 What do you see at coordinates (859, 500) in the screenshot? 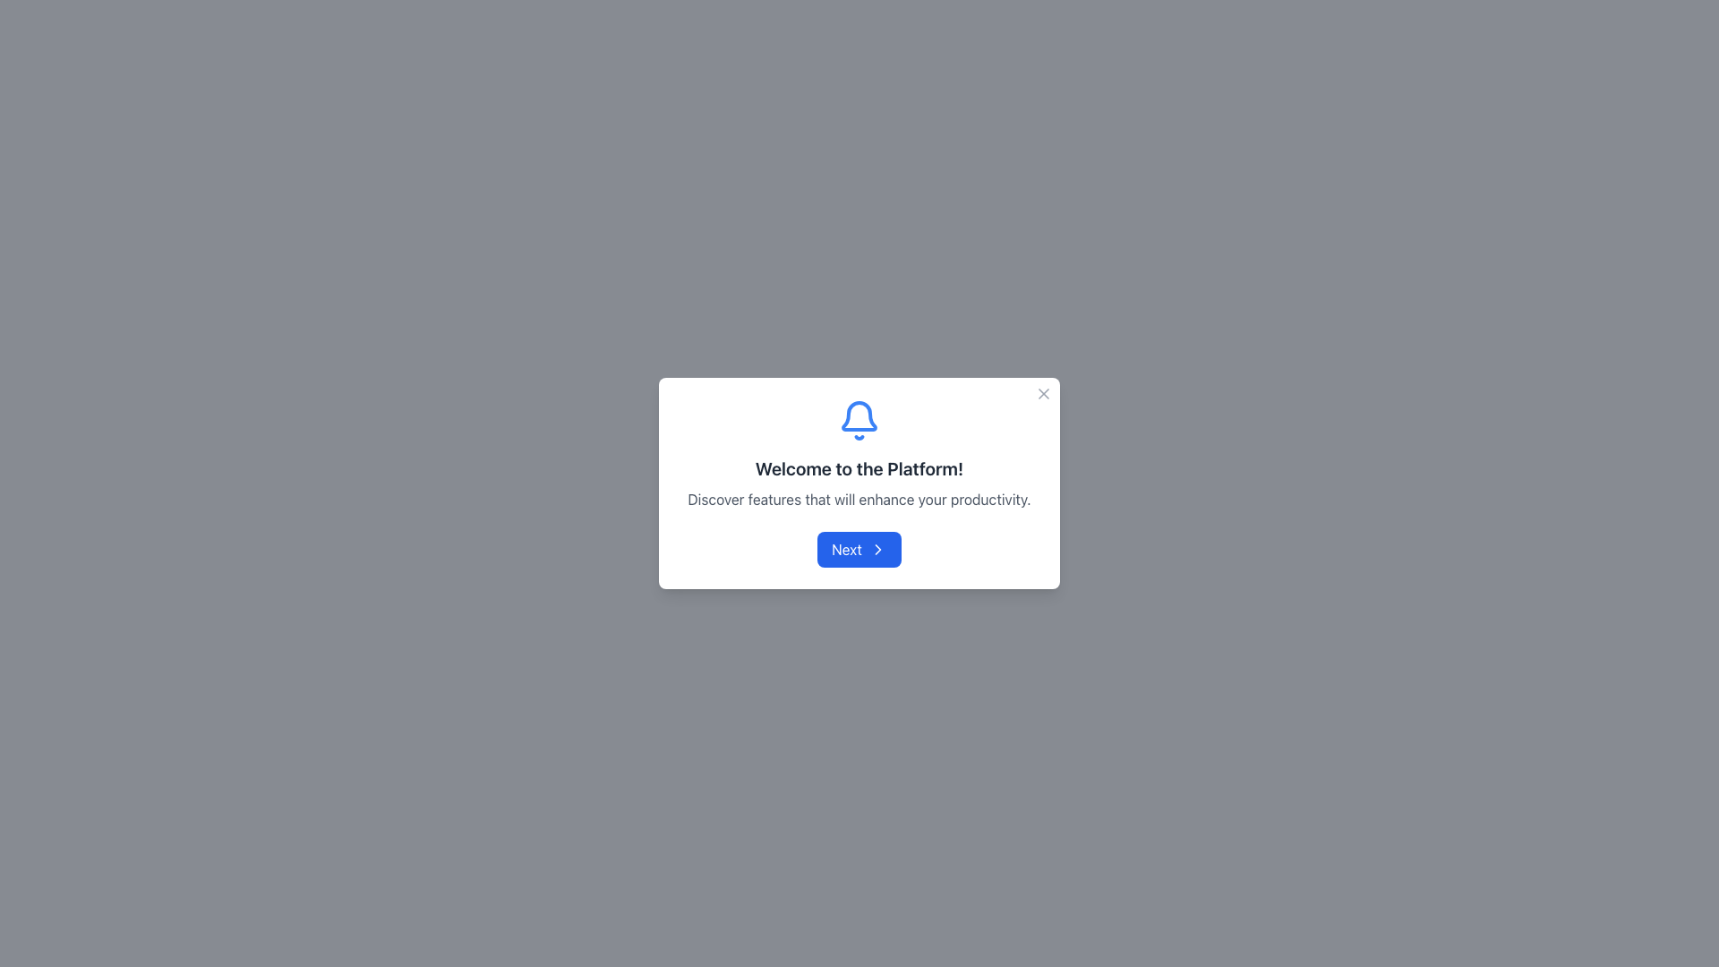
I see `static text label that says 'Discover features that will enhance your productivity.' located below the title 'Welcome to the Platform!' in the modal dialog` at bounding box center [859, 500].